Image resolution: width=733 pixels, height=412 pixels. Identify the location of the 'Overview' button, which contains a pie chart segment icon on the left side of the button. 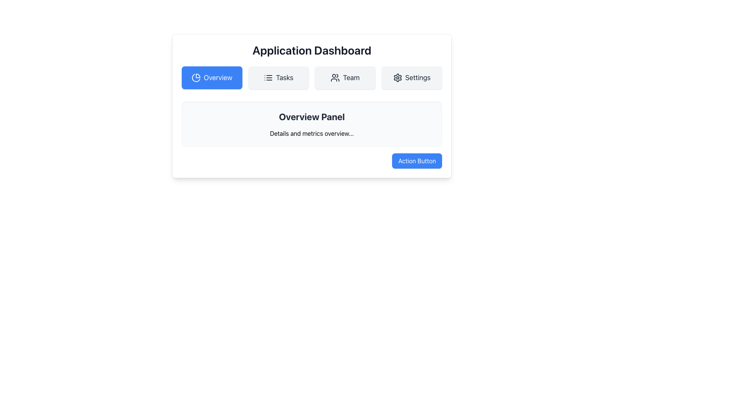
(198, 76).